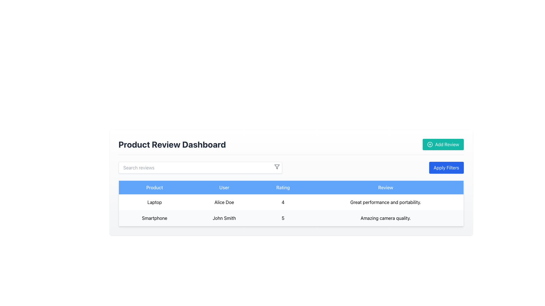 The height and width of the screenshot is (306, 545). Describe the element at coordinates (224, 187) in the screenshot. I see `the Table Header labeled 'User', which is a blue rectangular section with white bold text, positioned as the second column header in the table` at that location.